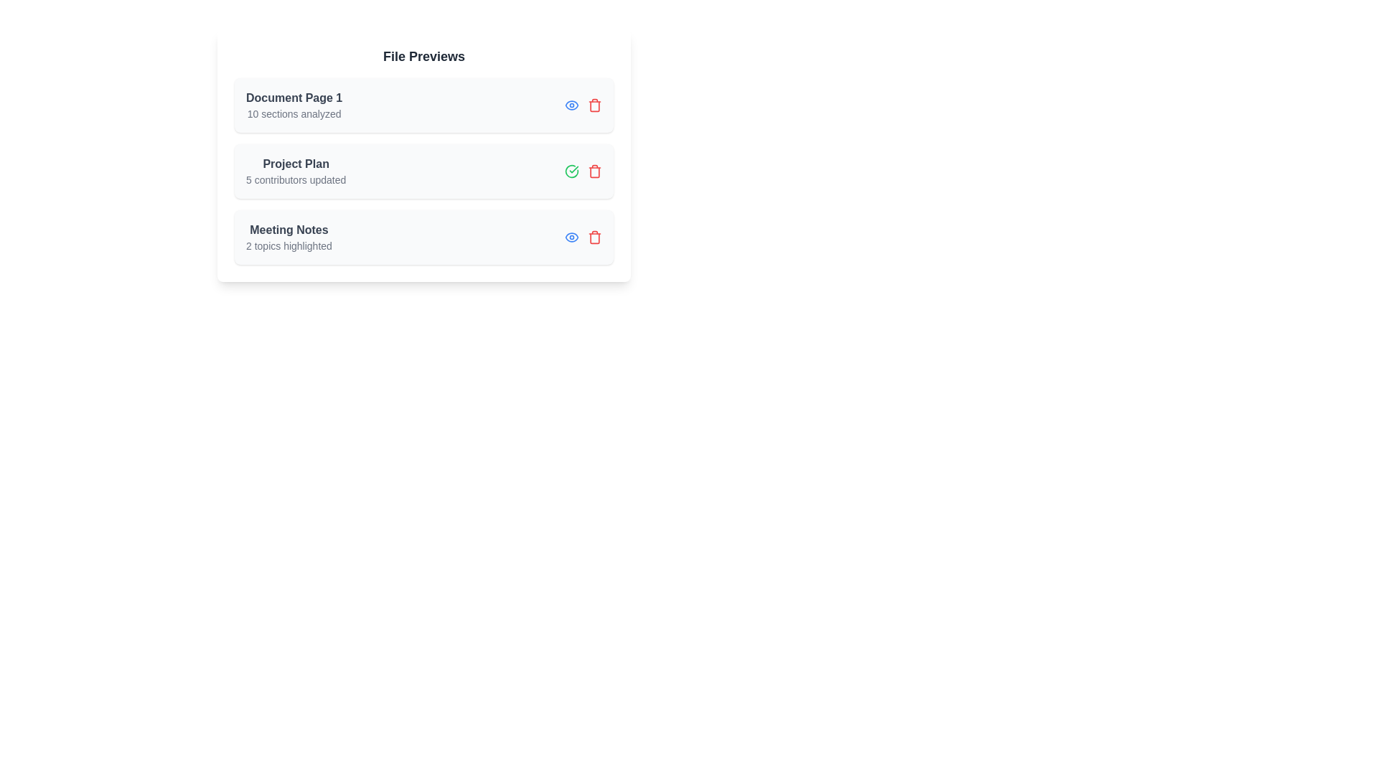 Image resolution: width=1378 pixels, height=775 pixels. Describe the element at coordinates (595, 104) in the screenshot. I see `trash icon for the item titled 'Document Page 1'` at that location.